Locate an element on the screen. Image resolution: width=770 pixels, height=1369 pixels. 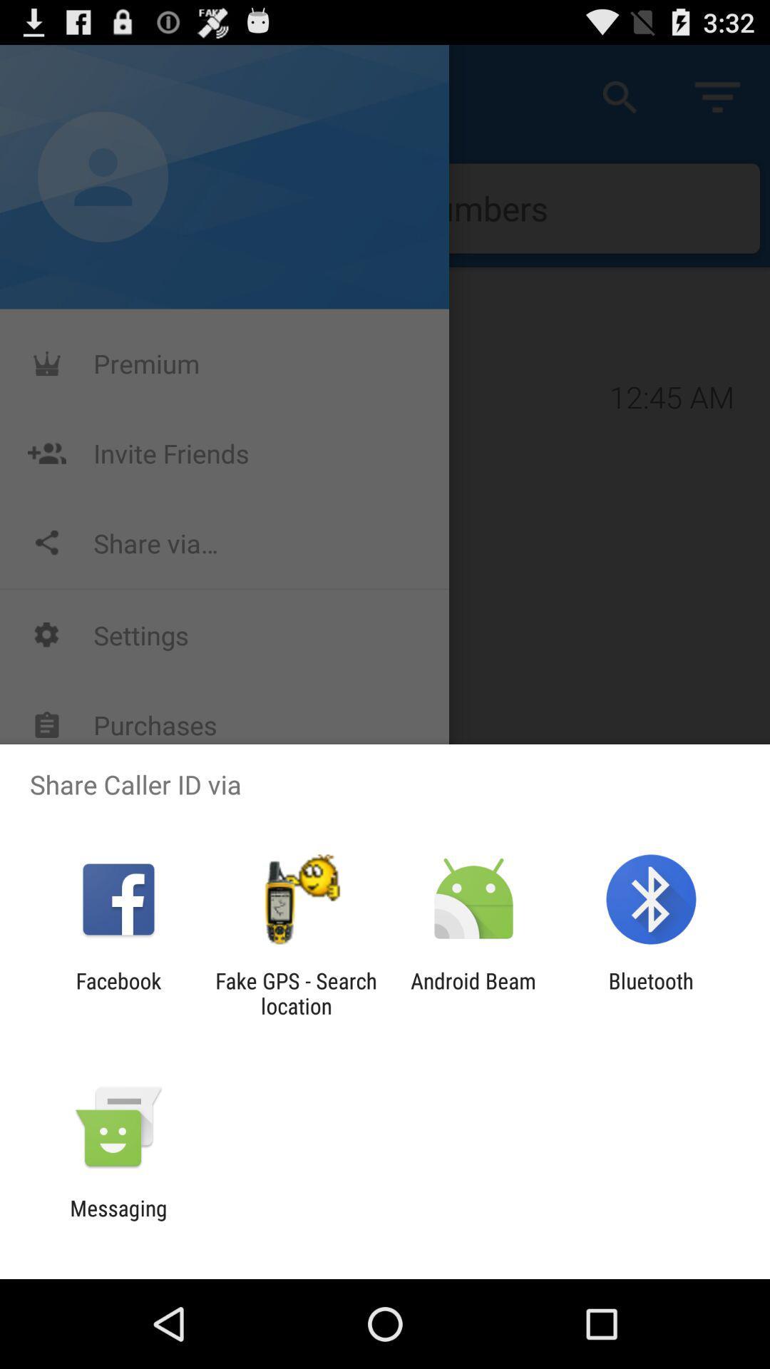
the item to the right of the fake gps search is located at coordinates (473, 993).